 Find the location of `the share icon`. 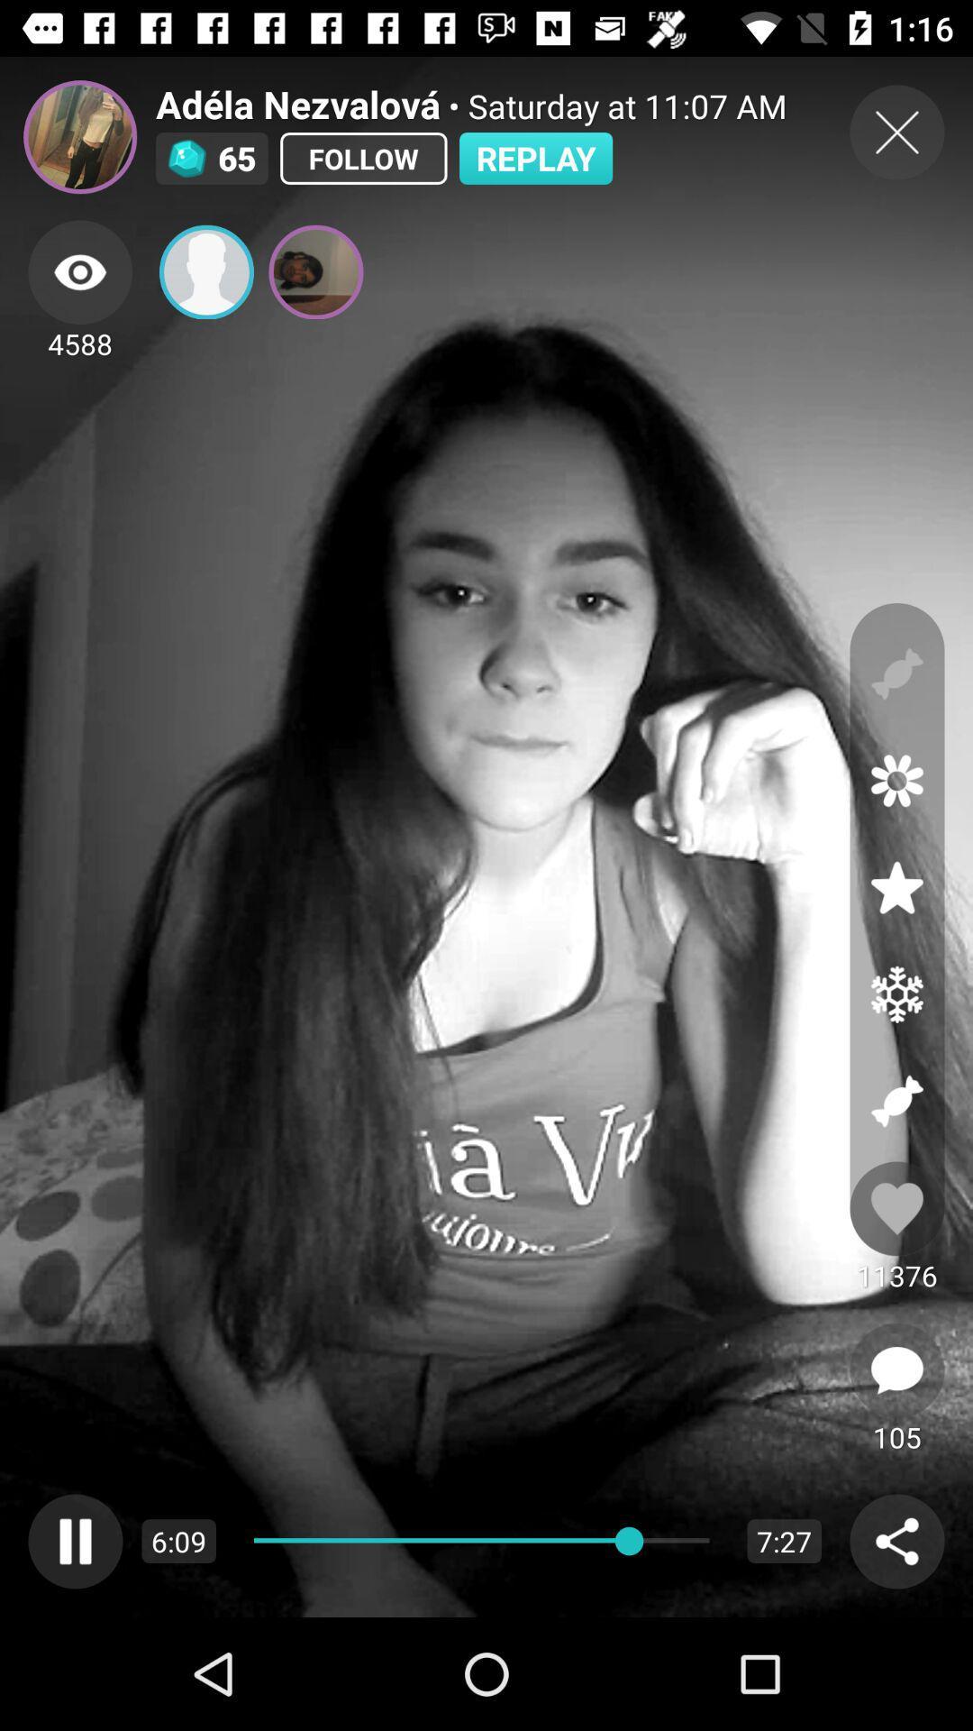

the share icon is located at coordinates (896, 1540).